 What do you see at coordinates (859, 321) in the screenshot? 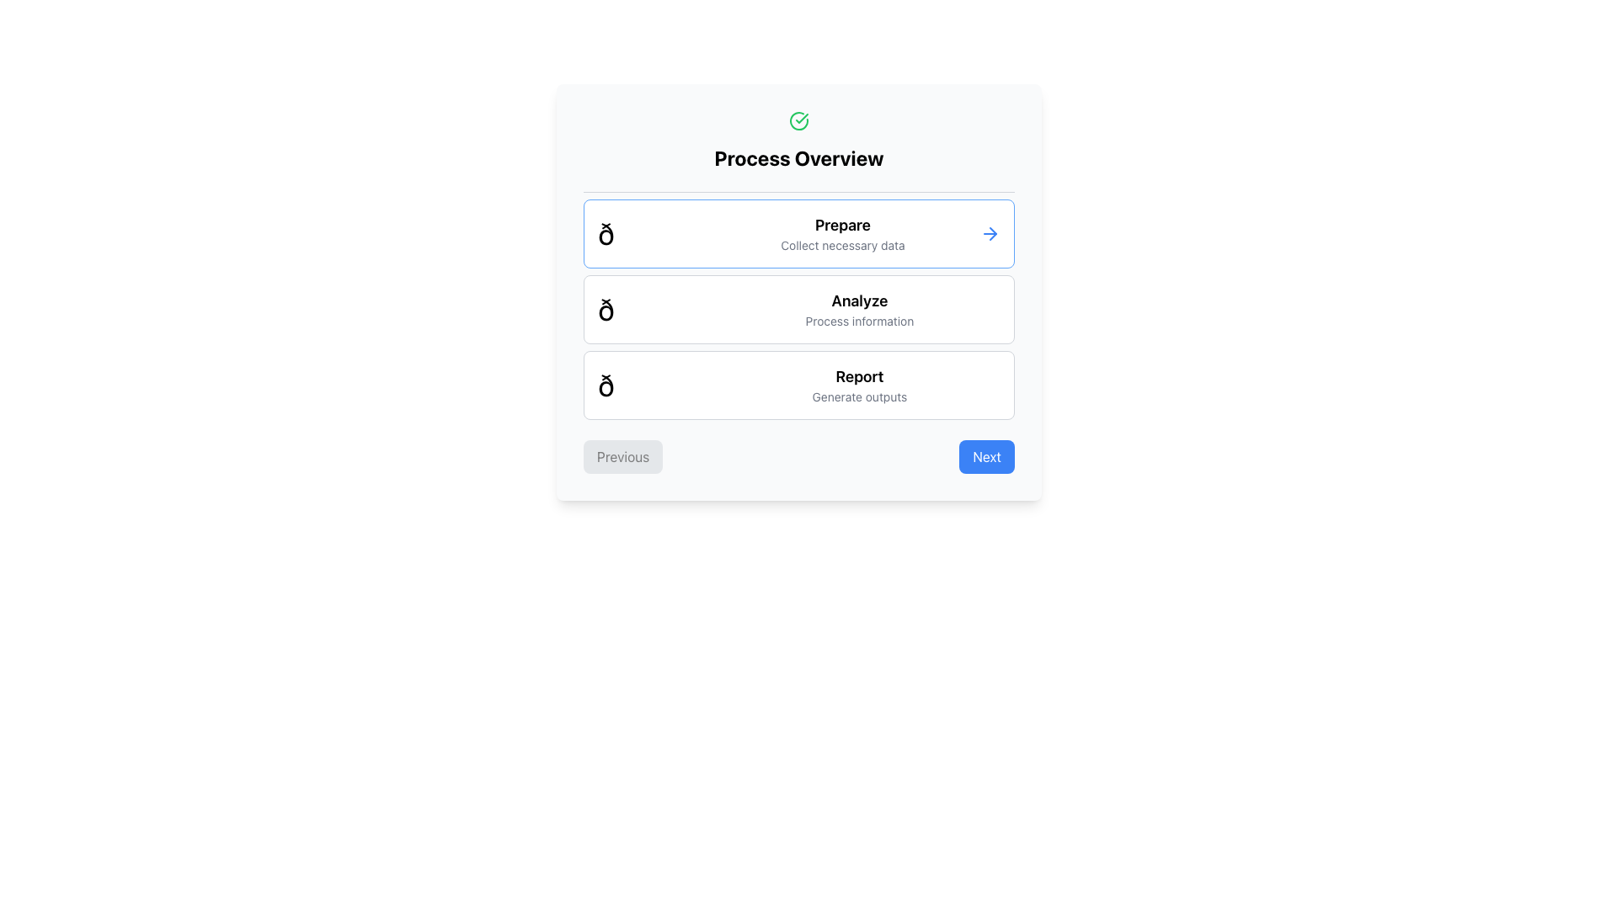
I see `the static text element that provides a contextual description for the 'Analyze' section, which is positioned directly beneath the 'Analyze' label` at bounding box center [859, 321].